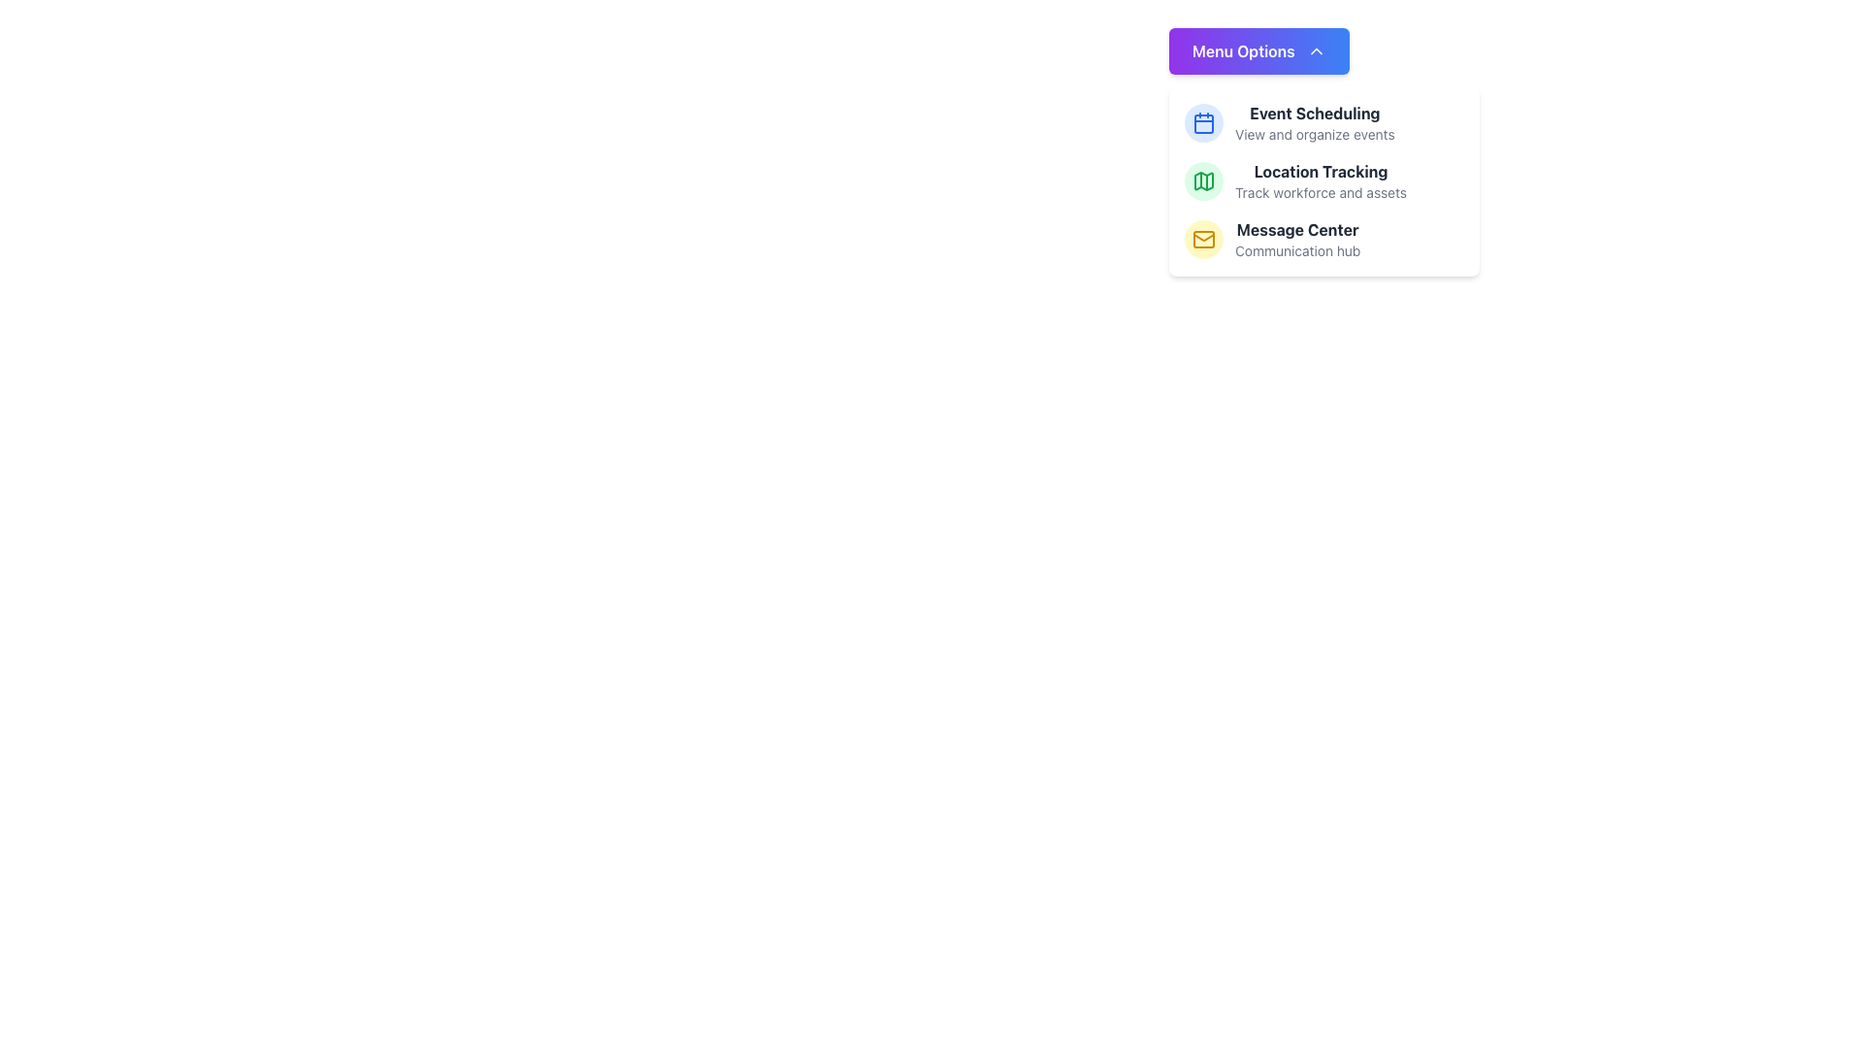 The width and height of the screenshot is (1863, 1048). What do you see at coordinates (1320, 193) in the screenshot?
I see `the static text label providing context for the 'Location Tracking' menu option, located beneath the main title 'Location Tracking'` at bounding box center [1320, 193].